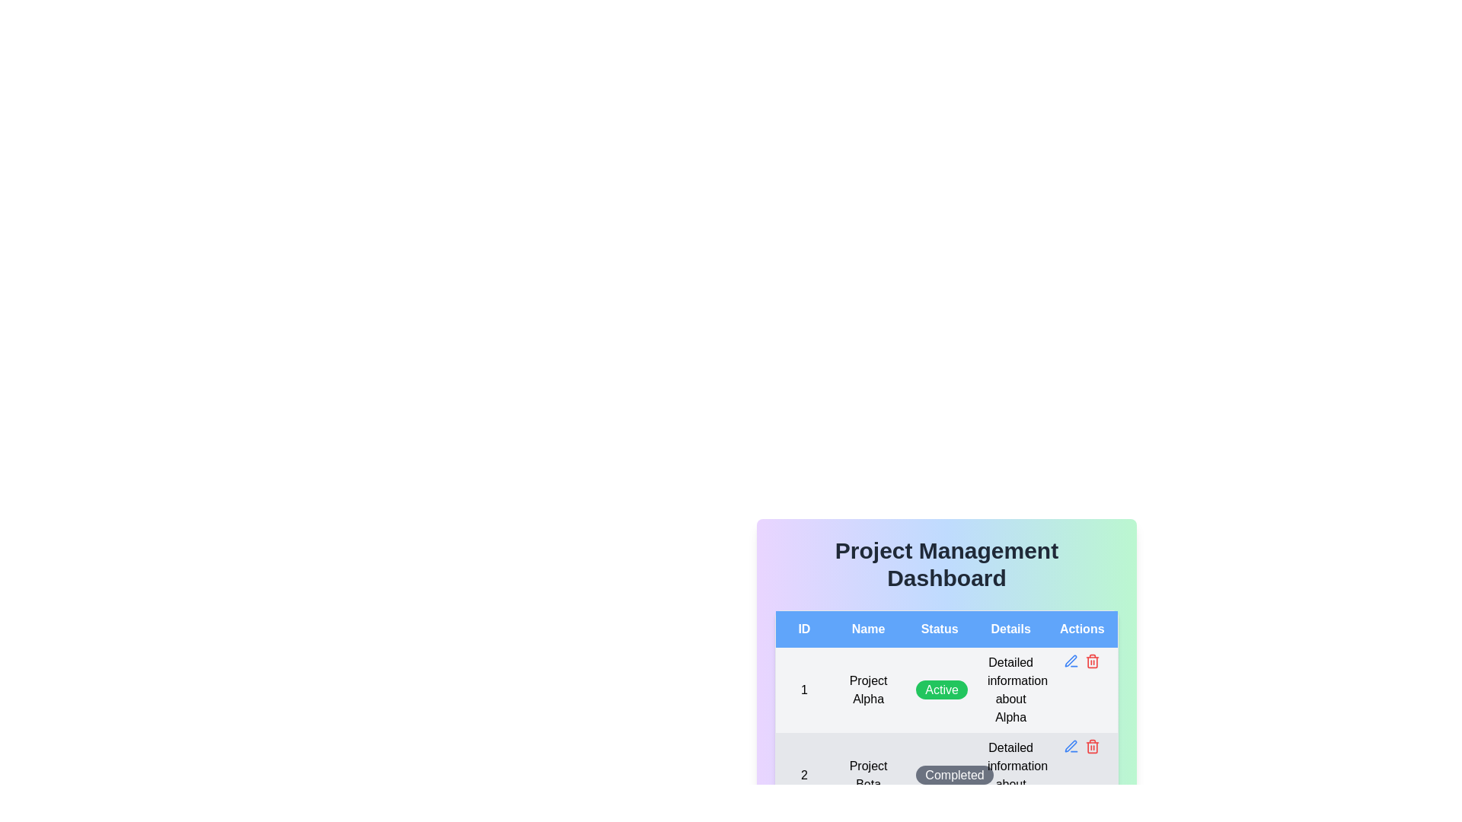 Image resolution: width=1462 pixels, height=822 pixels. I want to click on the blue pencil icon in the 'Actions' column of the first row corresponding to 'Project Alpha' to initiate editing, so click(1081, 660).